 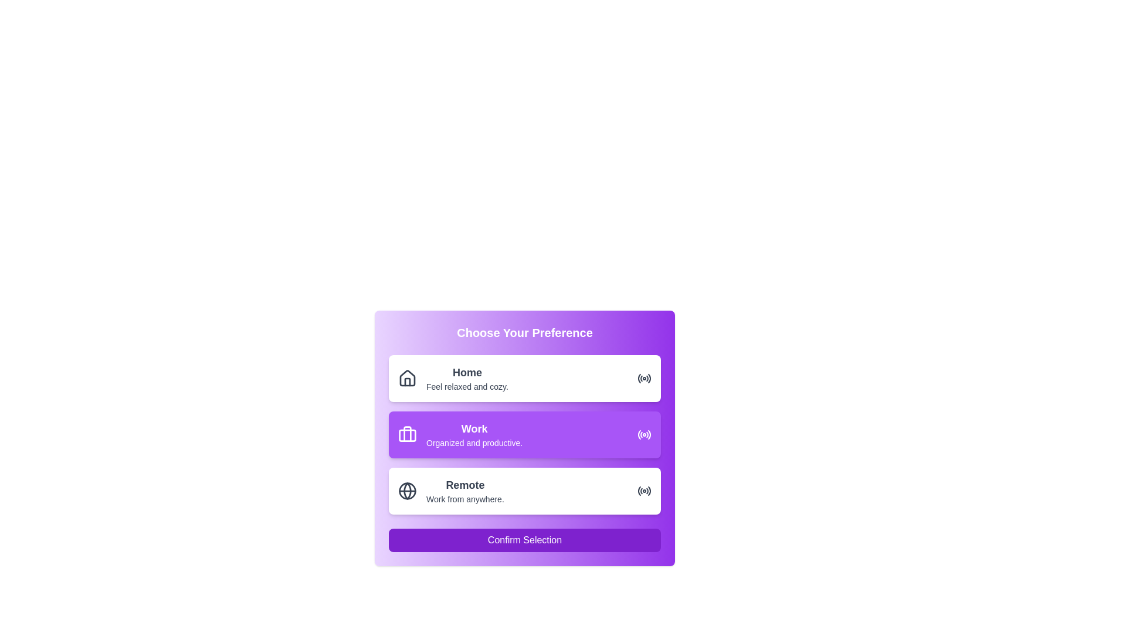 What do you see at coordinates (466, 378) in the screenshot?
I see `the 'Home' text element that features a bold header and a smaller subtitle, located in the top section of a vertically stacked list of options` at bounding box center [466, 378].